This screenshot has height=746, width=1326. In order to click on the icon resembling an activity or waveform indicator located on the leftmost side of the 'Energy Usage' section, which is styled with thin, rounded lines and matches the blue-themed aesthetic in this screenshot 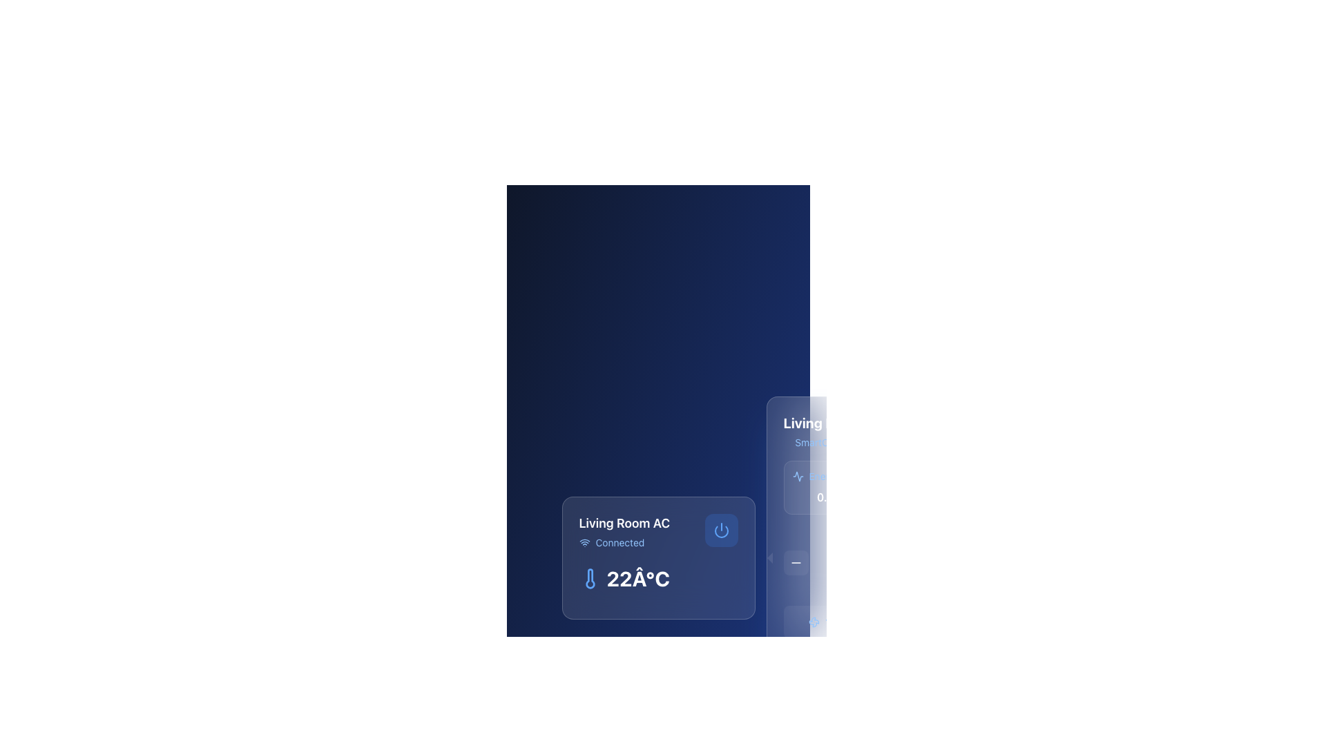, I will do `click(798, 476)`.